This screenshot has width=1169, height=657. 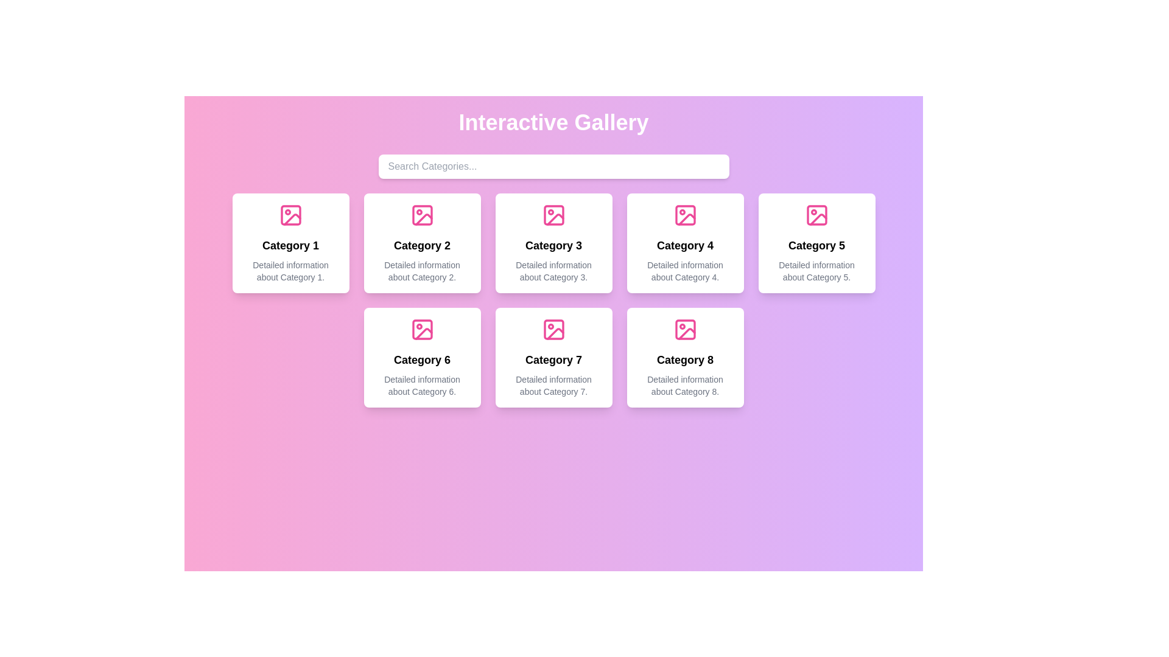 What do you see at coordinates (685, 271) in the screenshot?
I see `additional information text located in the lower section of the card labeled 'Category 4', positioned directly below the header text 'Category 4'` at bounding box center [685, 271].